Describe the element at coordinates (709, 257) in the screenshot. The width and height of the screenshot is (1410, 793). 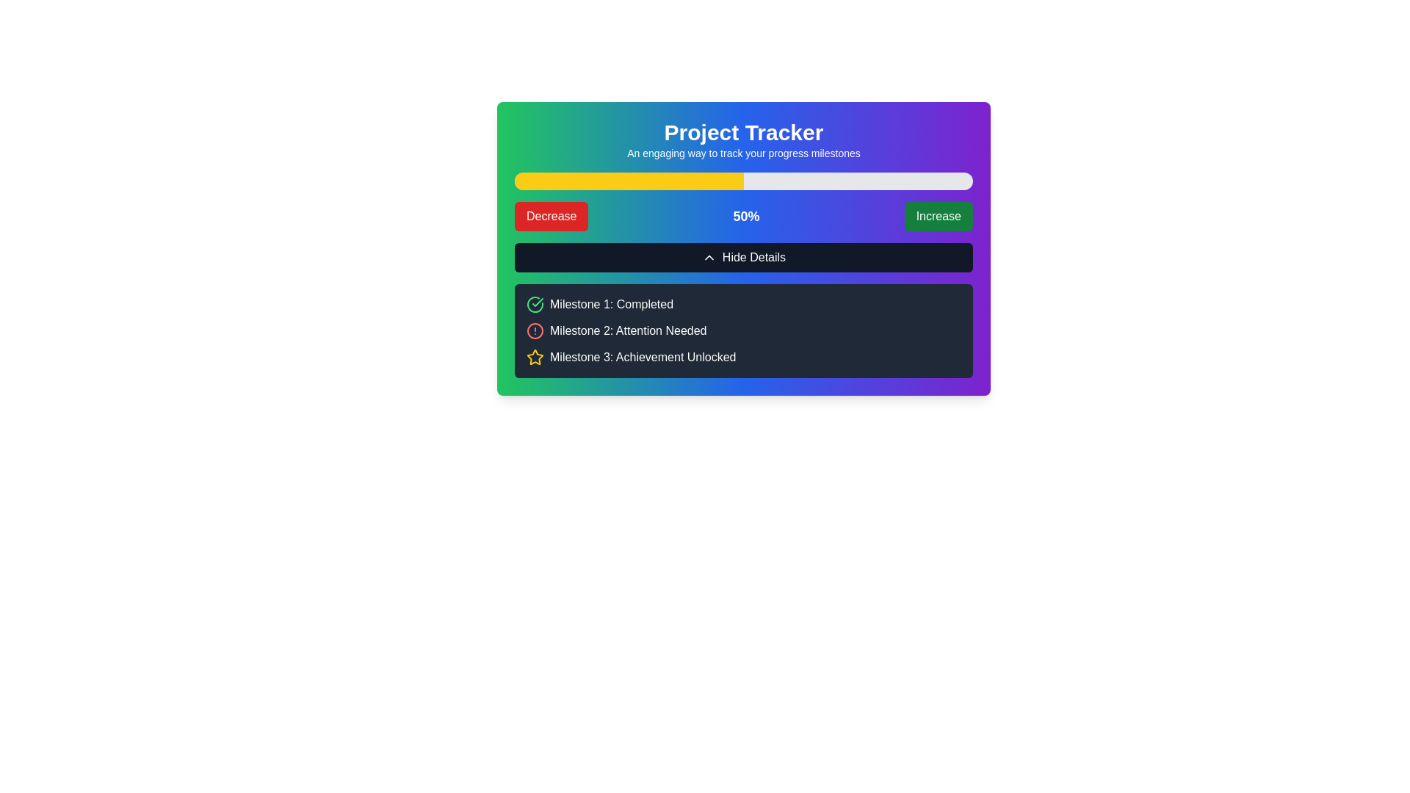
I see `the toggle icon located to the left of the 'Hide Details' button for additional visual feedback` at that location.